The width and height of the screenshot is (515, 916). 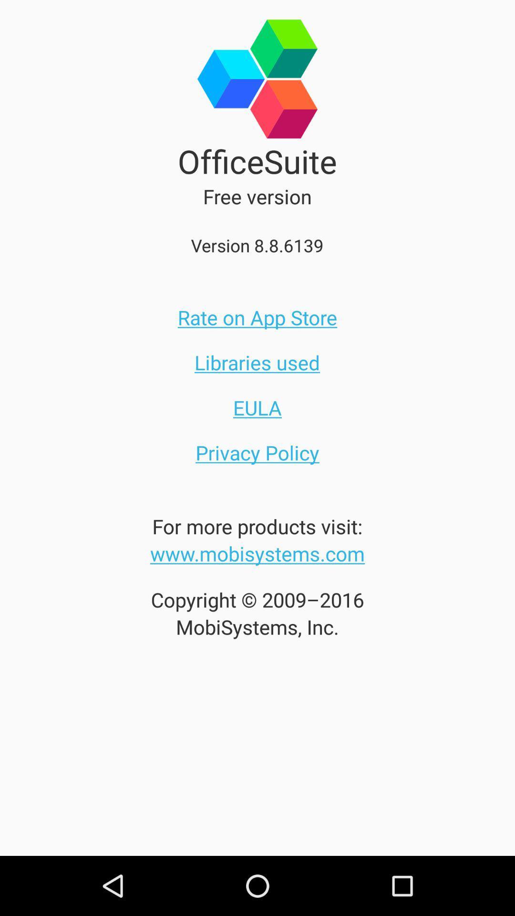 I want to click on the www.mobisystems.com item, so click(x=257, y=553).